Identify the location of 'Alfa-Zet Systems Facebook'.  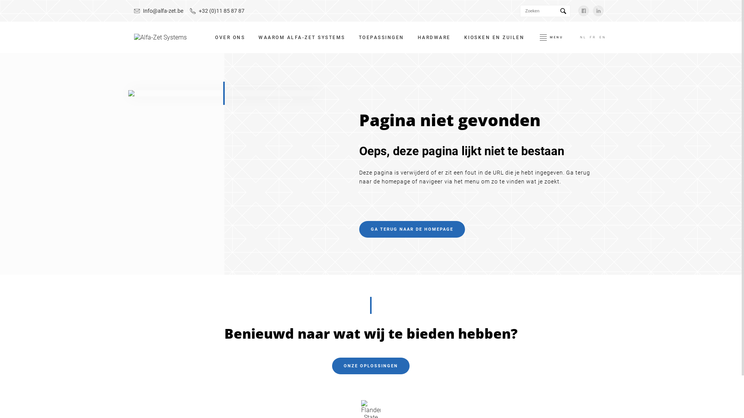
(584, 10).